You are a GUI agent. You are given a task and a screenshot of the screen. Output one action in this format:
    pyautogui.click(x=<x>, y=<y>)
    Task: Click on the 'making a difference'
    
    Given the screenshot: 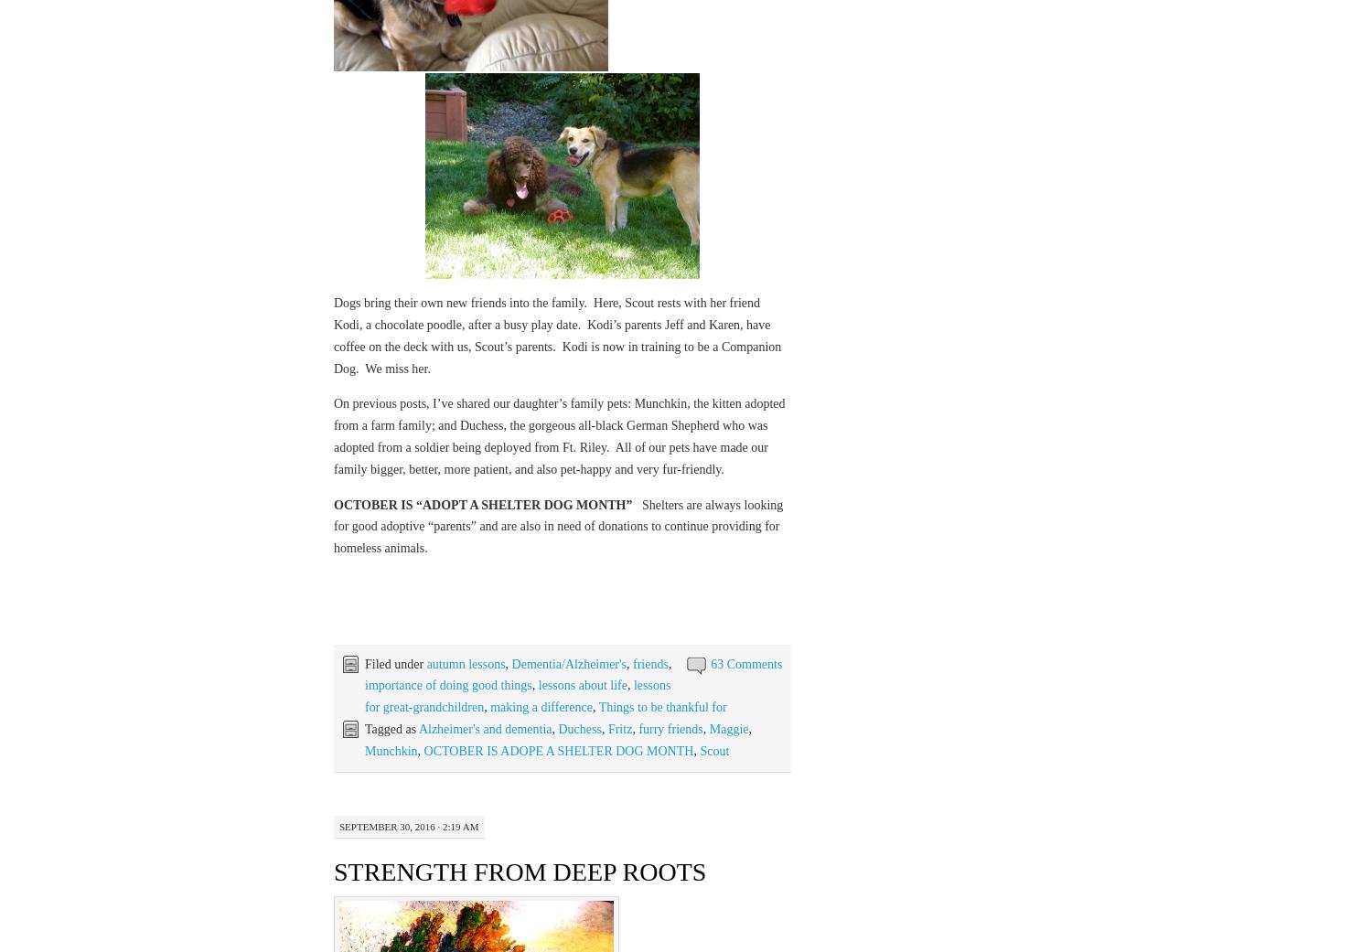 What is the action you would take?
    pyautogui.click(x=540, y=707)
    